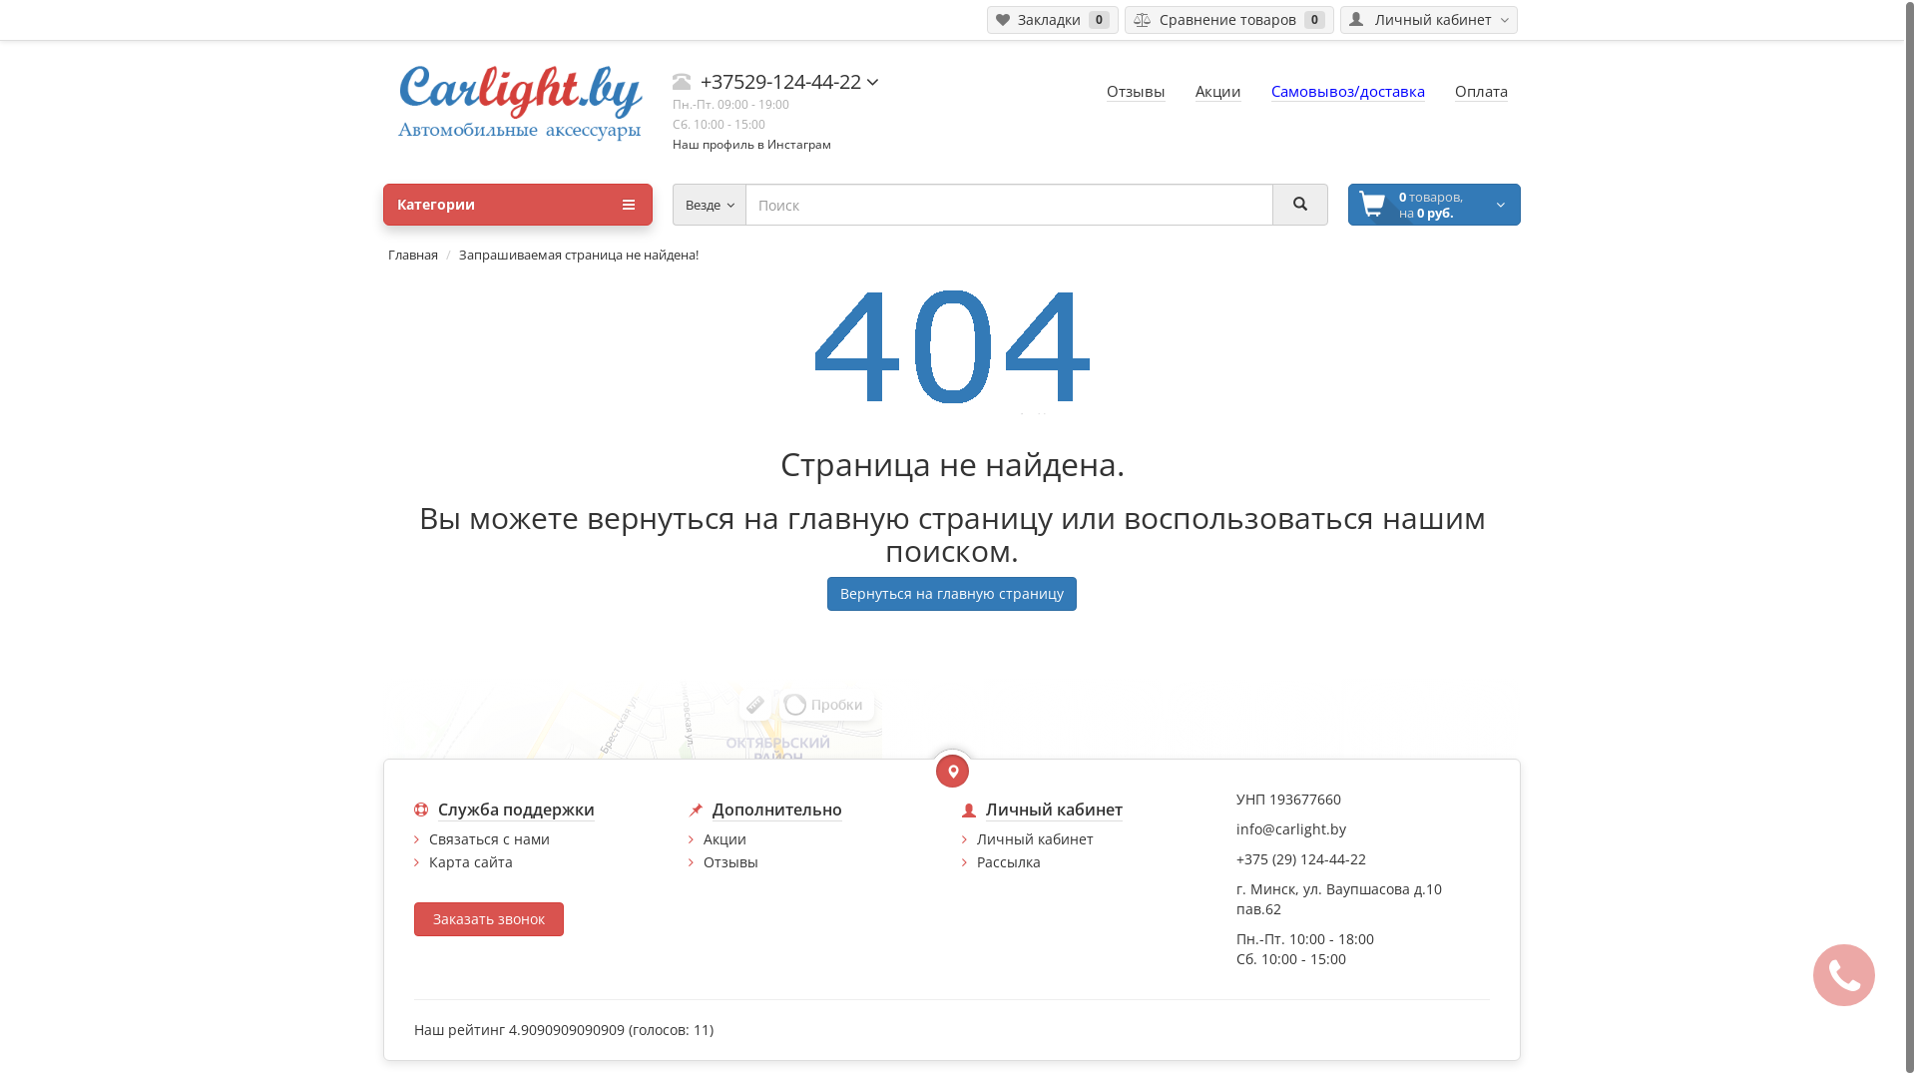 The width and height of the screenshot is (1916, 1078). Describe the element at coordinates (1234, 828) in the screenshot. I see `'info@carlight.by'` at that location.